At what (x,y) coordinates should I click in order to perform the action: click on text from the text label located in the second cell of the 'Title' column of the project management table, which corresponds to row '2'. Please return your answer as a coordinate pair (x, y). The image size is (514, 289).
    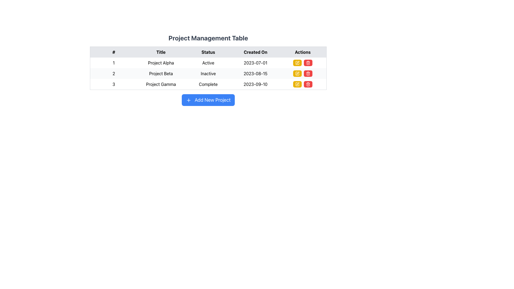
    Looking at the image, I should click on (161, 73).